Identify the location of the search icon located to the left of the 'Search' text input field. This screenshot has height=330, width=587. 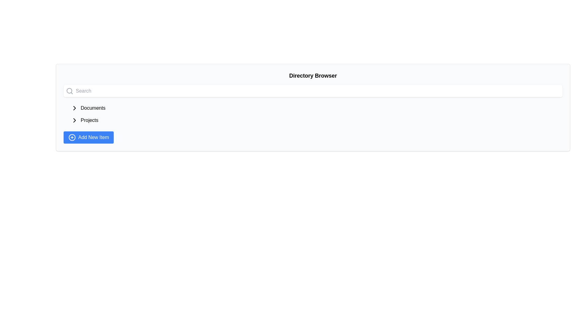
(69, 91).